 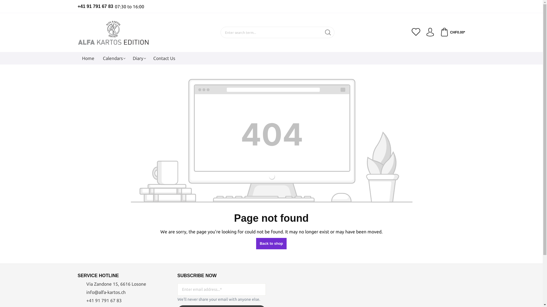 What do you see at coordinates (128, 58) in the screenshot?
I see `'Diary'` at bounding box center [128, 58].